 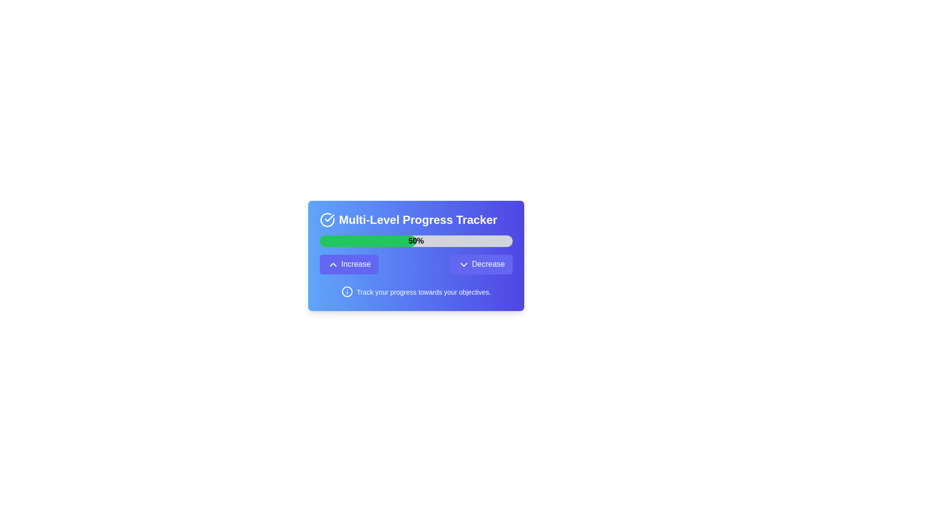 What do you see at coordinates (416, 264) in the screenshot?
I see `keyboard navigation` at bounding box center [416, 264].